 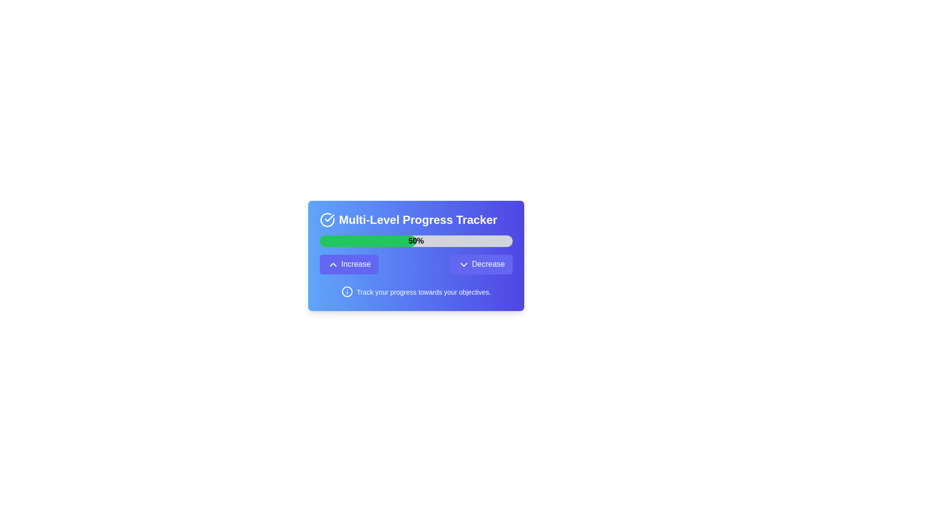 What do you see at coordinates (416, 264) in the screenshot?
I see `keyboard navigation` at bounding box center [416, 264].